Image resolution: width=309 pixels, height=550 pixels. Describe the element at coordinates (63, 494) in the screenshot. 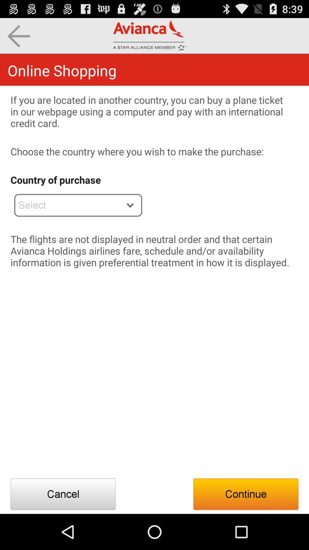

I see `cancel item` at that location.